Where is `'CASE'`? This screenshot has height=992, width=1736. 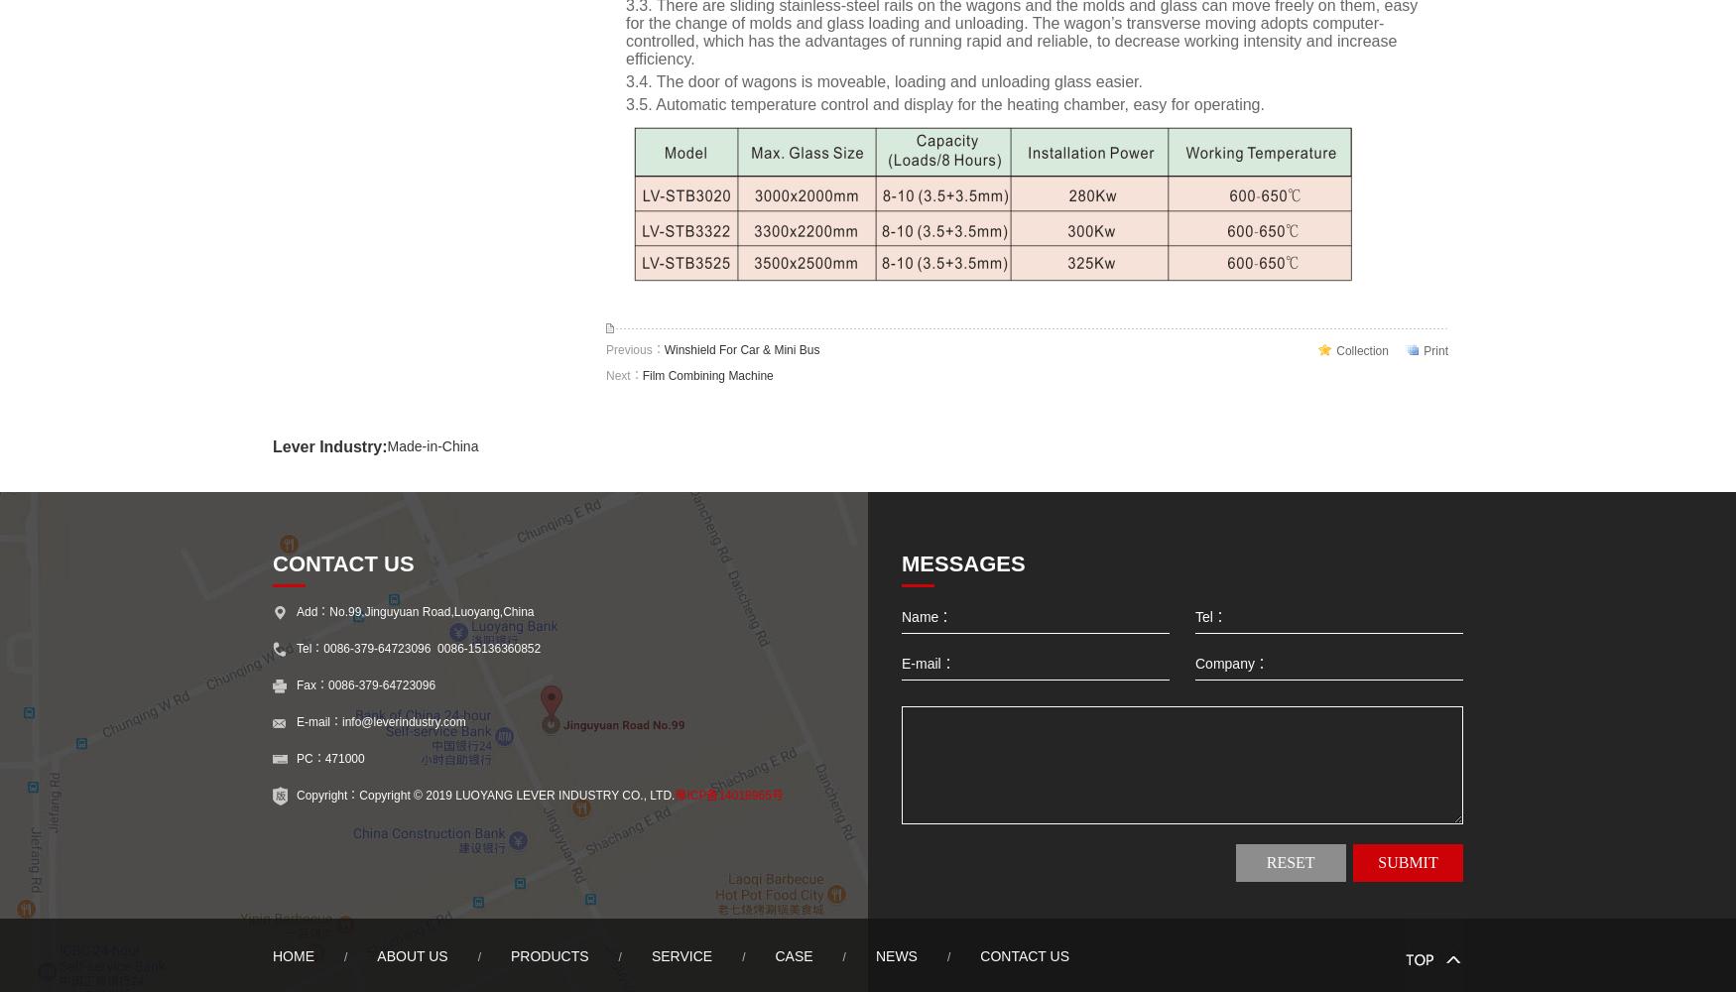 'CASE' is located at coordinates (792, 955).